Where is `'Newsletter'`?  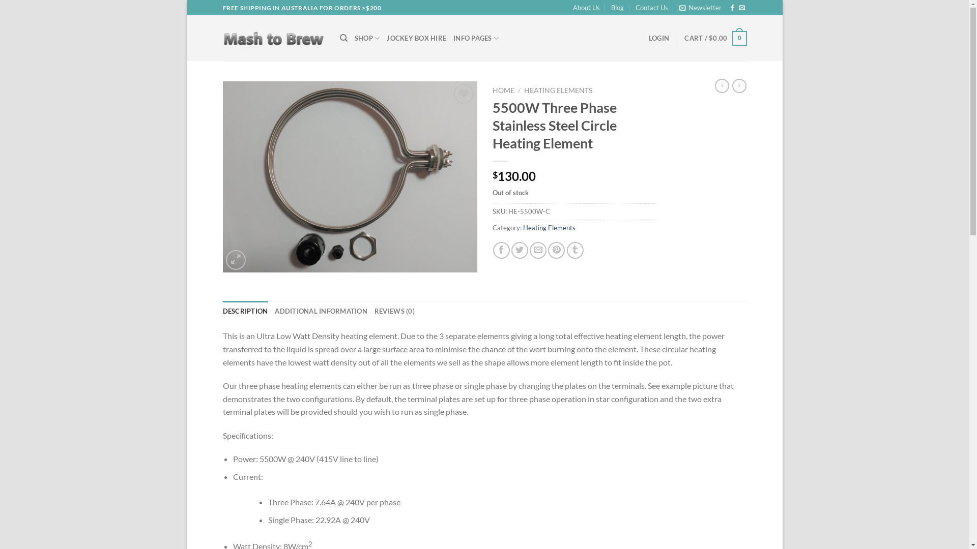
'Newsletter' is located at coordinates (700, 8).